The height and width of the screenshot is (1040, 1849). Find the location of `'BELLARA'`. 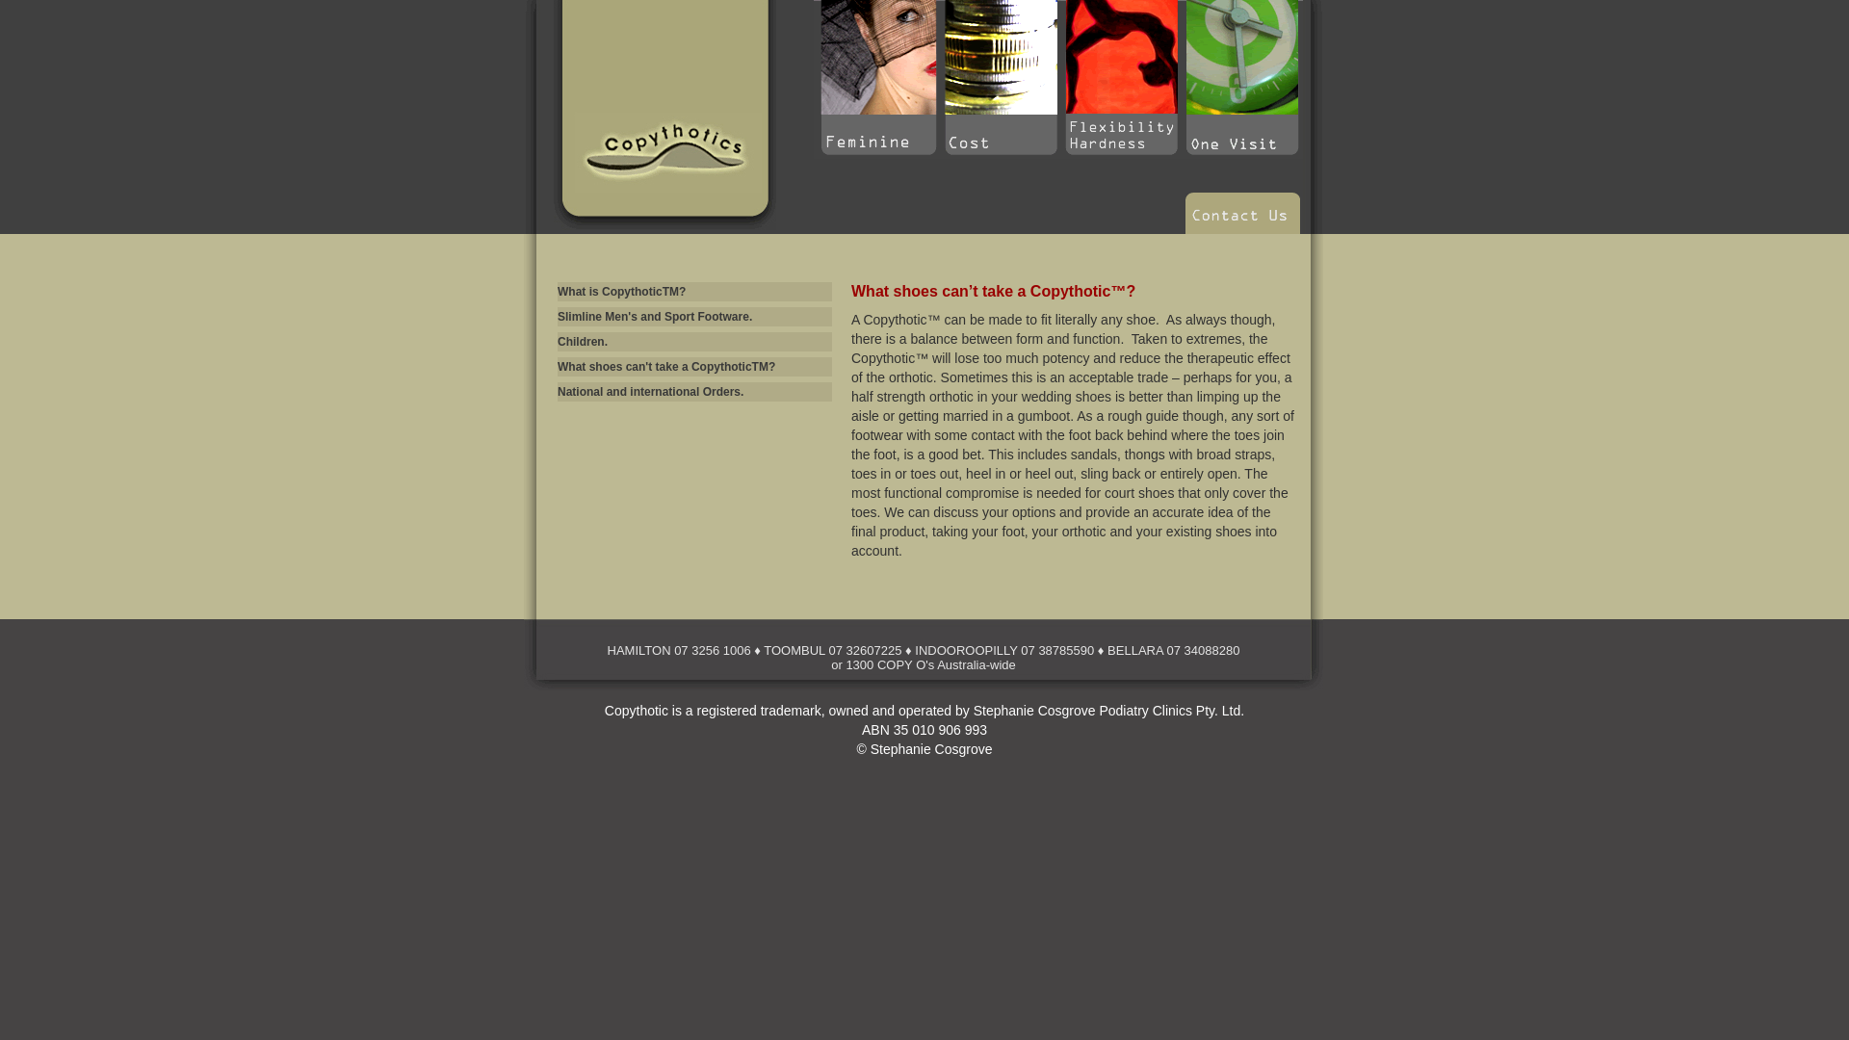

'BELLARA' is located at coordinates (1135, 650).